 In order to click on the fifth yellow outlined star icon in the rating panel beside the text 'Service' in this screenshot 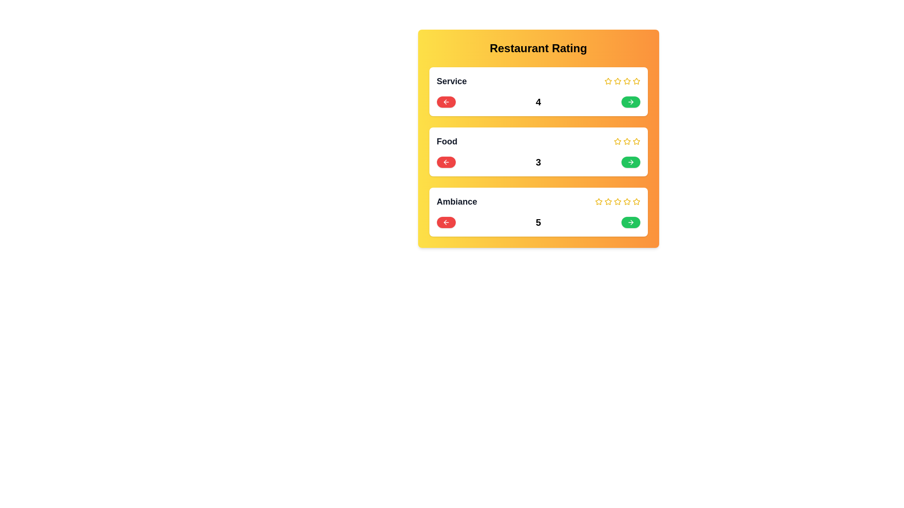, I will do `click(636, 81)`.